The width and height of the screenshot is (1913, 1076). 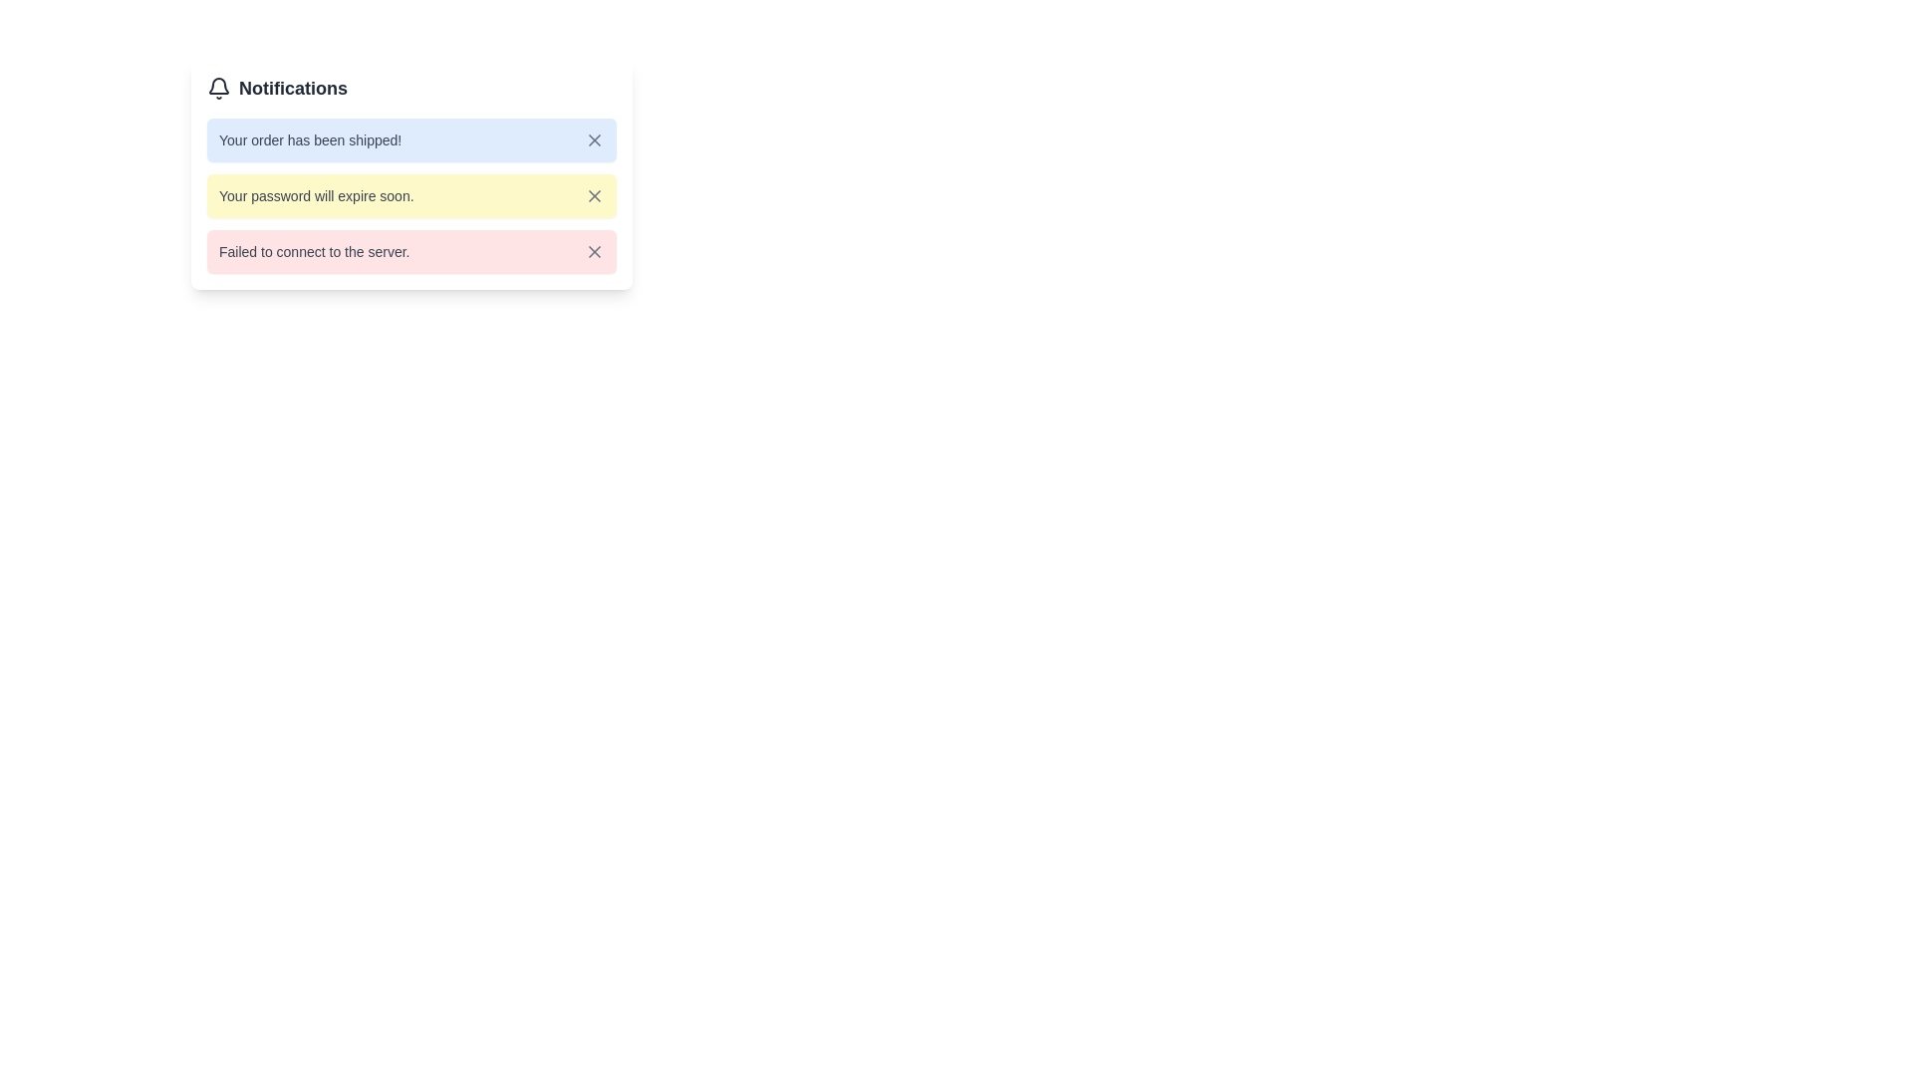 What do you see at coordinates (593, 195) in the screenshot?
I see `the close button located in the top-right corner of the yellow notification card that says 'Your password will expire soon.'` at bounding box center [593, 195].